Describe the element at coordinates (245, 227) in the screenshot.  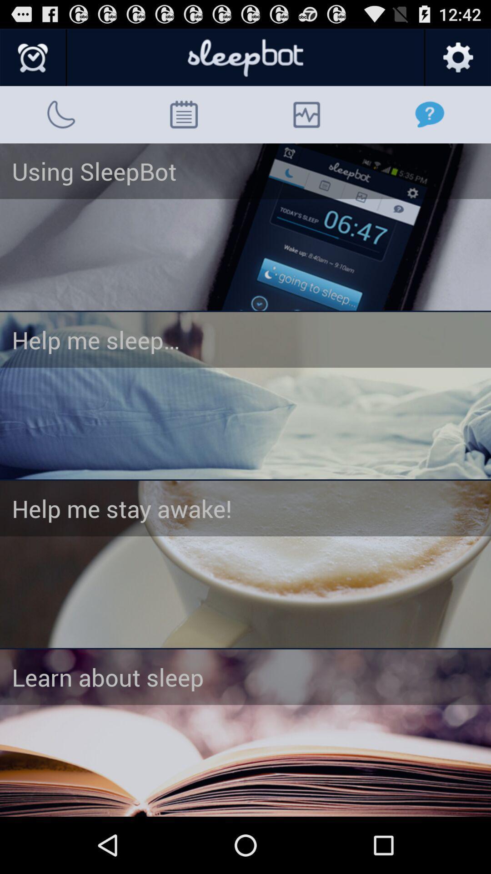
I see `using sleepbot menu` at that location.